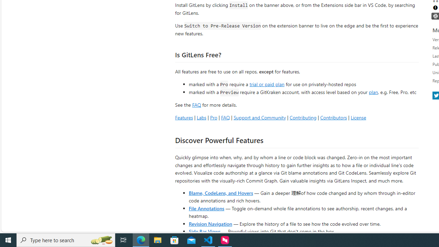 The image size is (439, 247). I want to click on 'Revision Navigation', so click(210, 223).